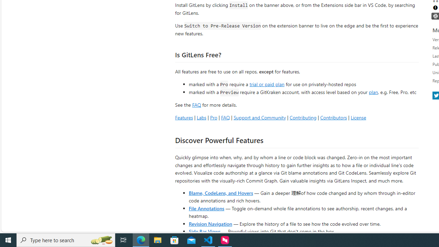 The image size is (439, 247). I want to click on 'Revision Navigation', so click(210, 223).